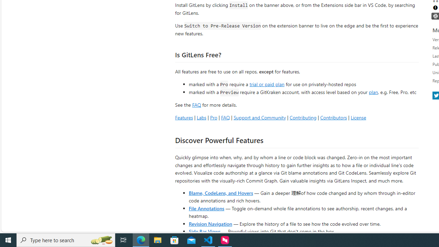 The image size is (439, 247). I want to click on 'Revision Navigation', so click(210, 223).